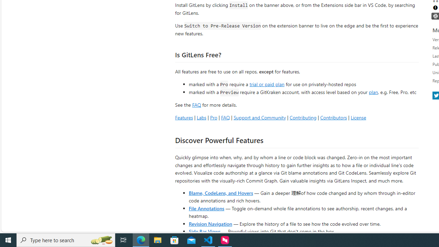 The image size is (439, 247). I want to click on 'Revision Navigation', so click(210, 223).